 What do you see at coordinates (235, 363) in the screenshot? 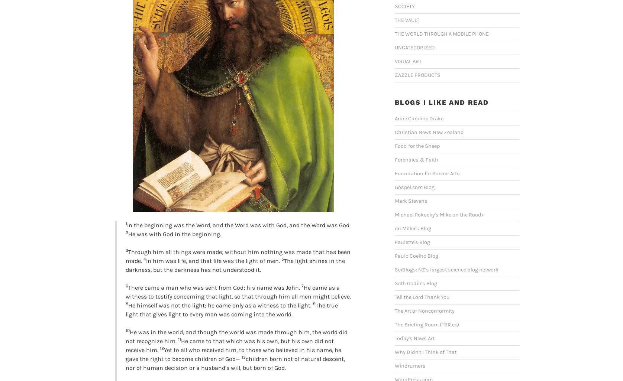
I see `'children born not of natural descent, nor of human decision or a  husband’s will, but born of God.'` at bounding box center [235, 363].